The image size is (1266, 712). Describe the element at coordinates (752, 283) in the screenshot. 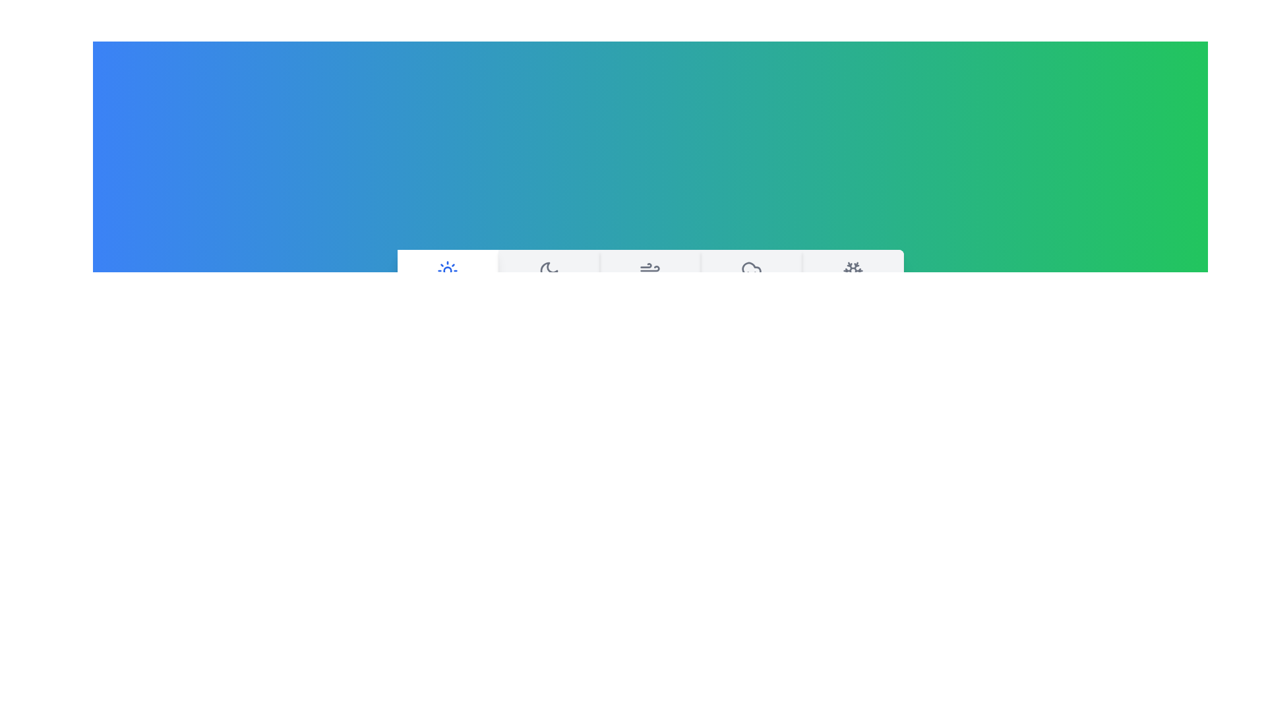

I see `the Rainy tab to view its details` at that location.